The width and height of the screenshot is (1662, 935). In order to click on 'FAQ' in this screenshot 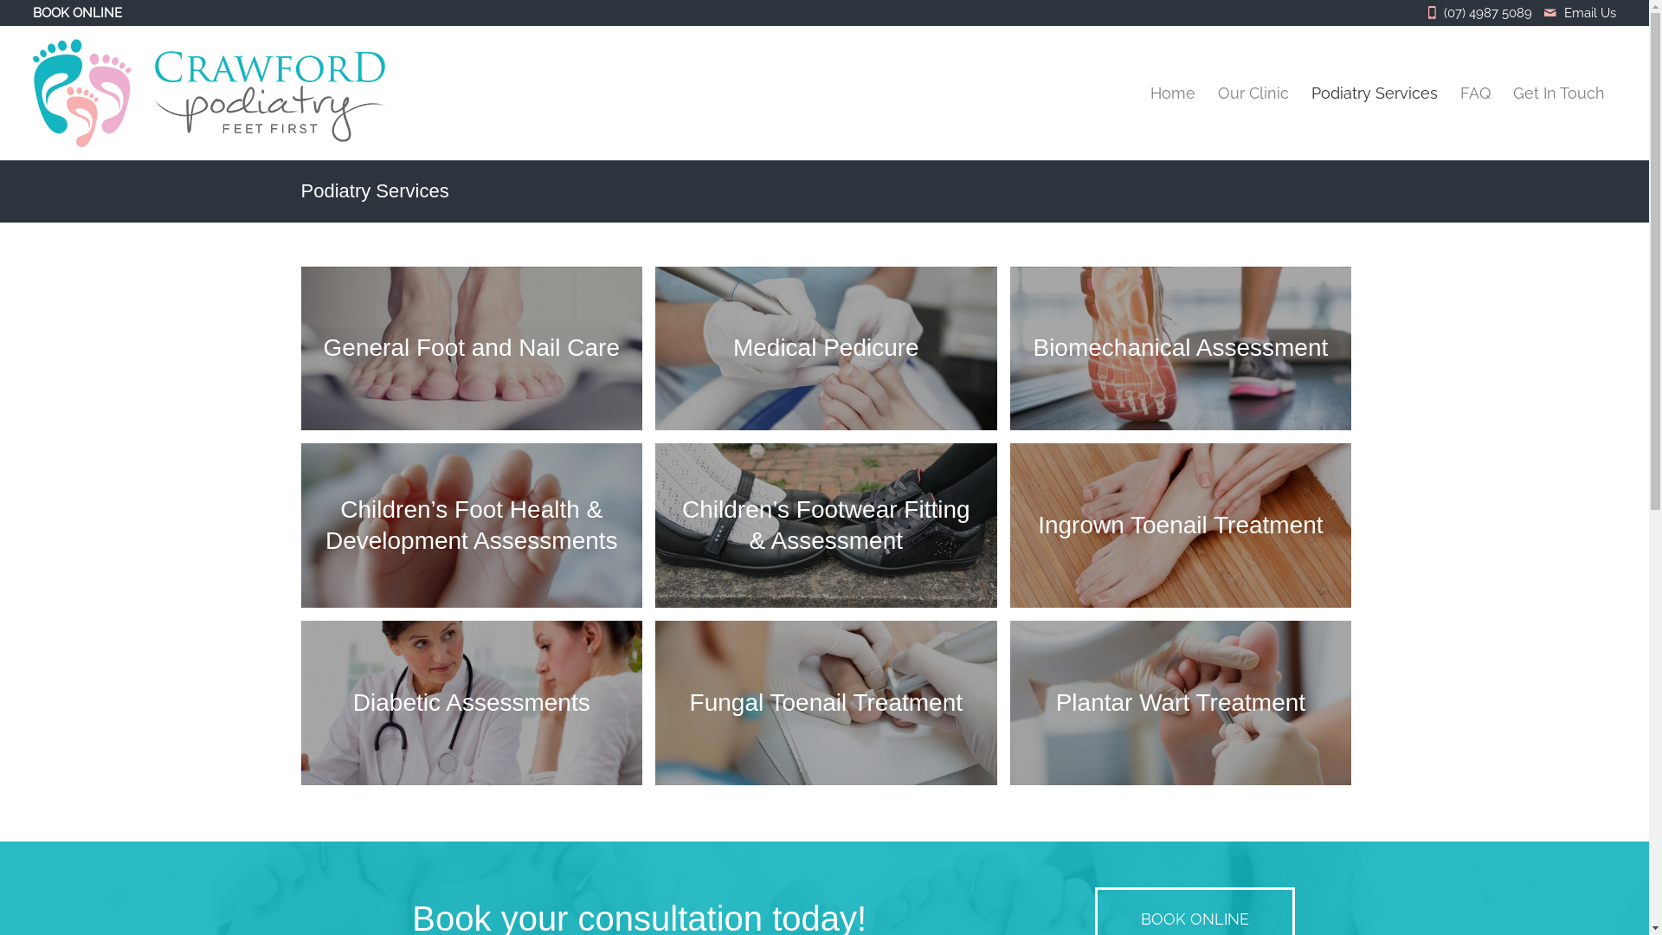, I will do `click(1474, 93)`.